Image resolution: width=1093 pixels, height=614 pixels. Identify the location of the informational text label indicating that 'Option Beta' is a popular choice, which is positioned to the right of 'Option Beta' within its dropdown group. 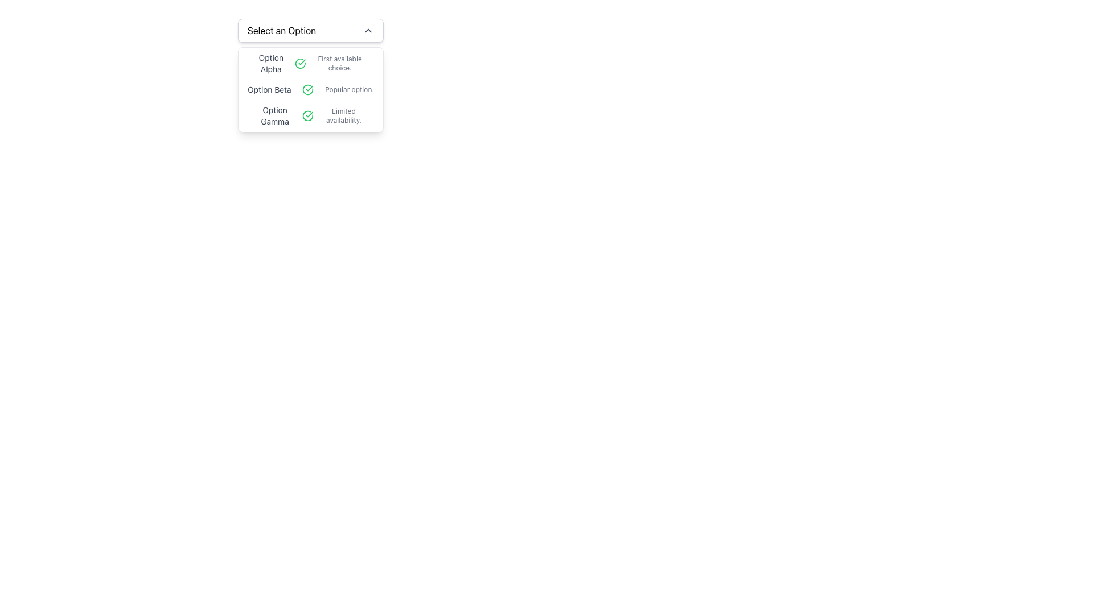
(349, 89).